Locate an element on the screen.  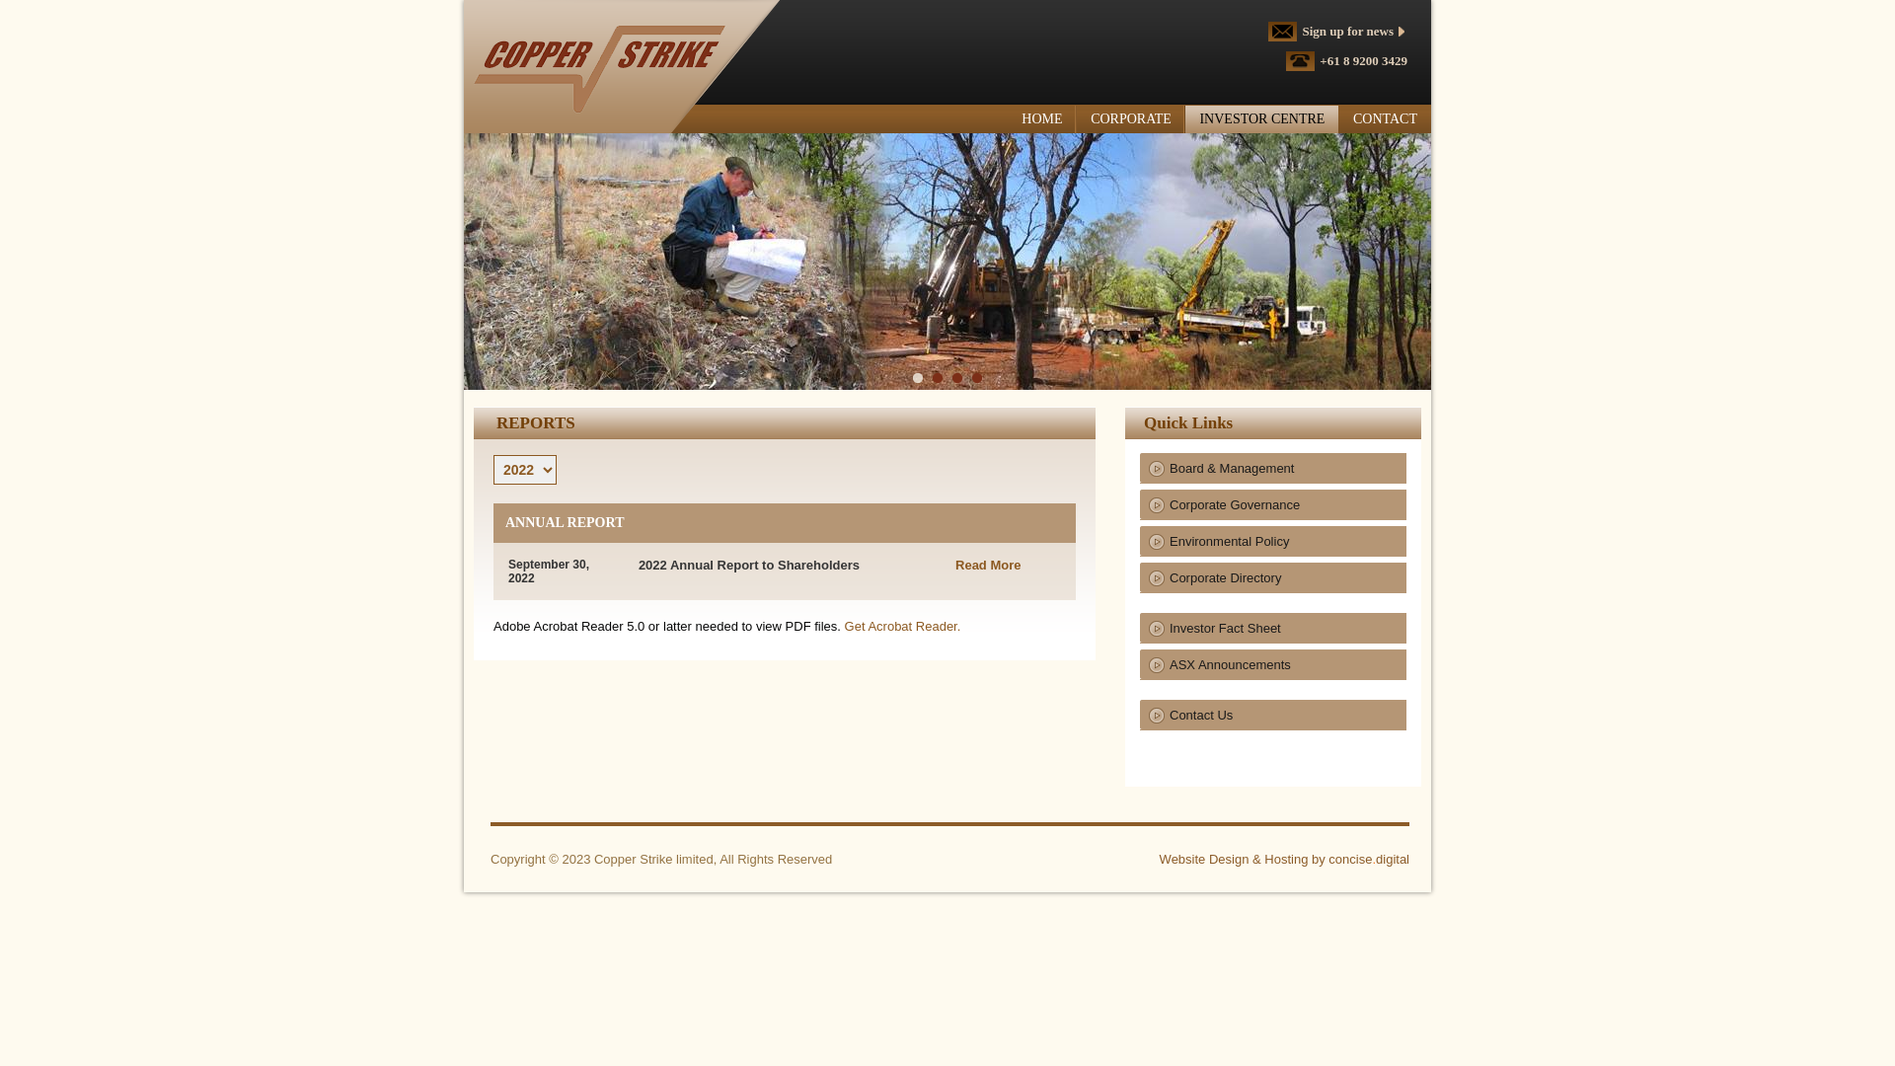
'ASX Announcements' is located at coordinates (1273, 664).